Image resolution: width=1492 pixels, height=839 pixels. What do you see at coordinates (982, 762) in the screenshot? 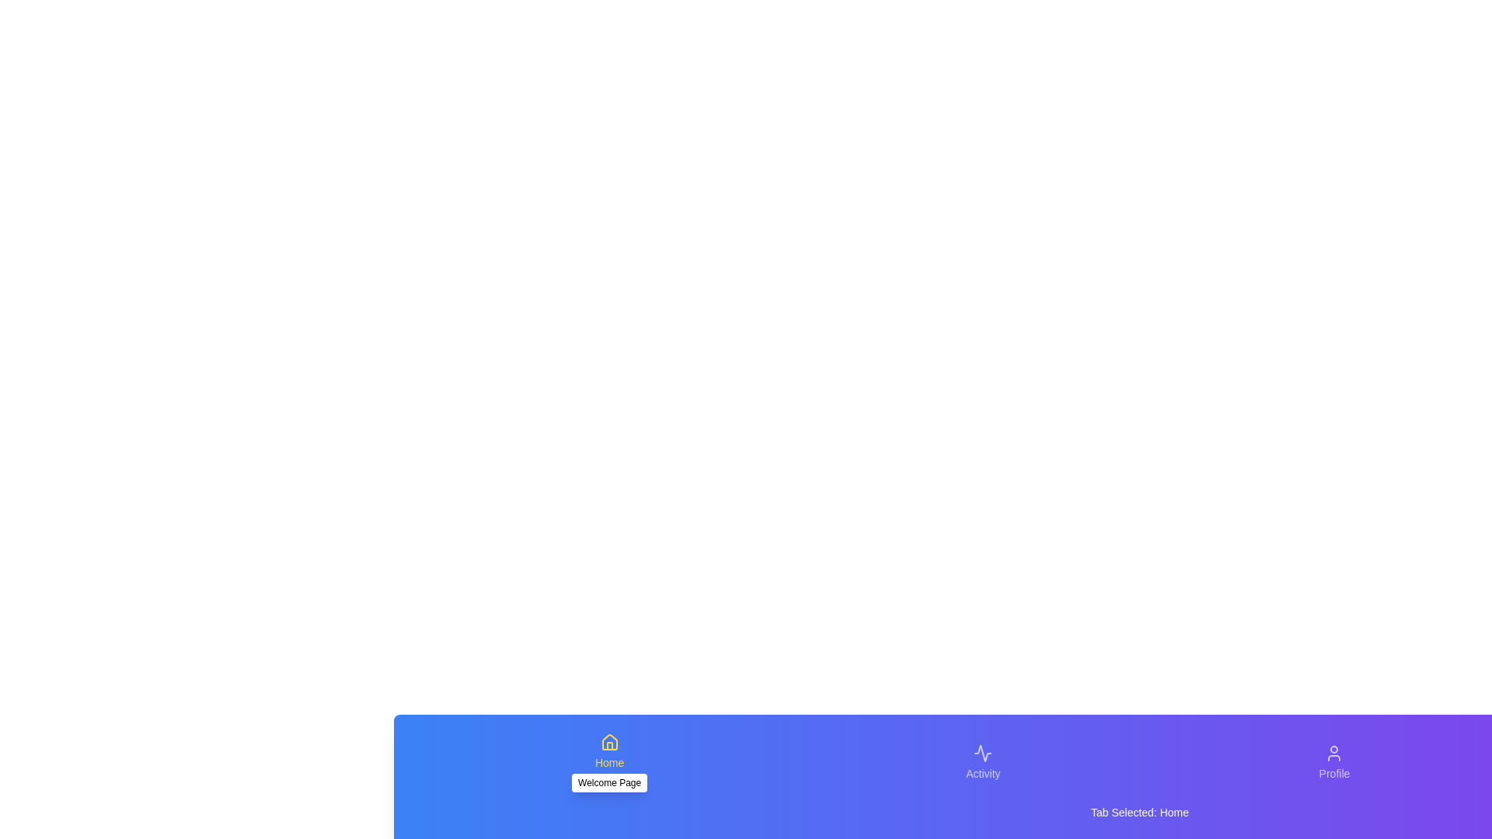
I see `the tab labeled Activity to view its description` at bounding box center [982, 762].